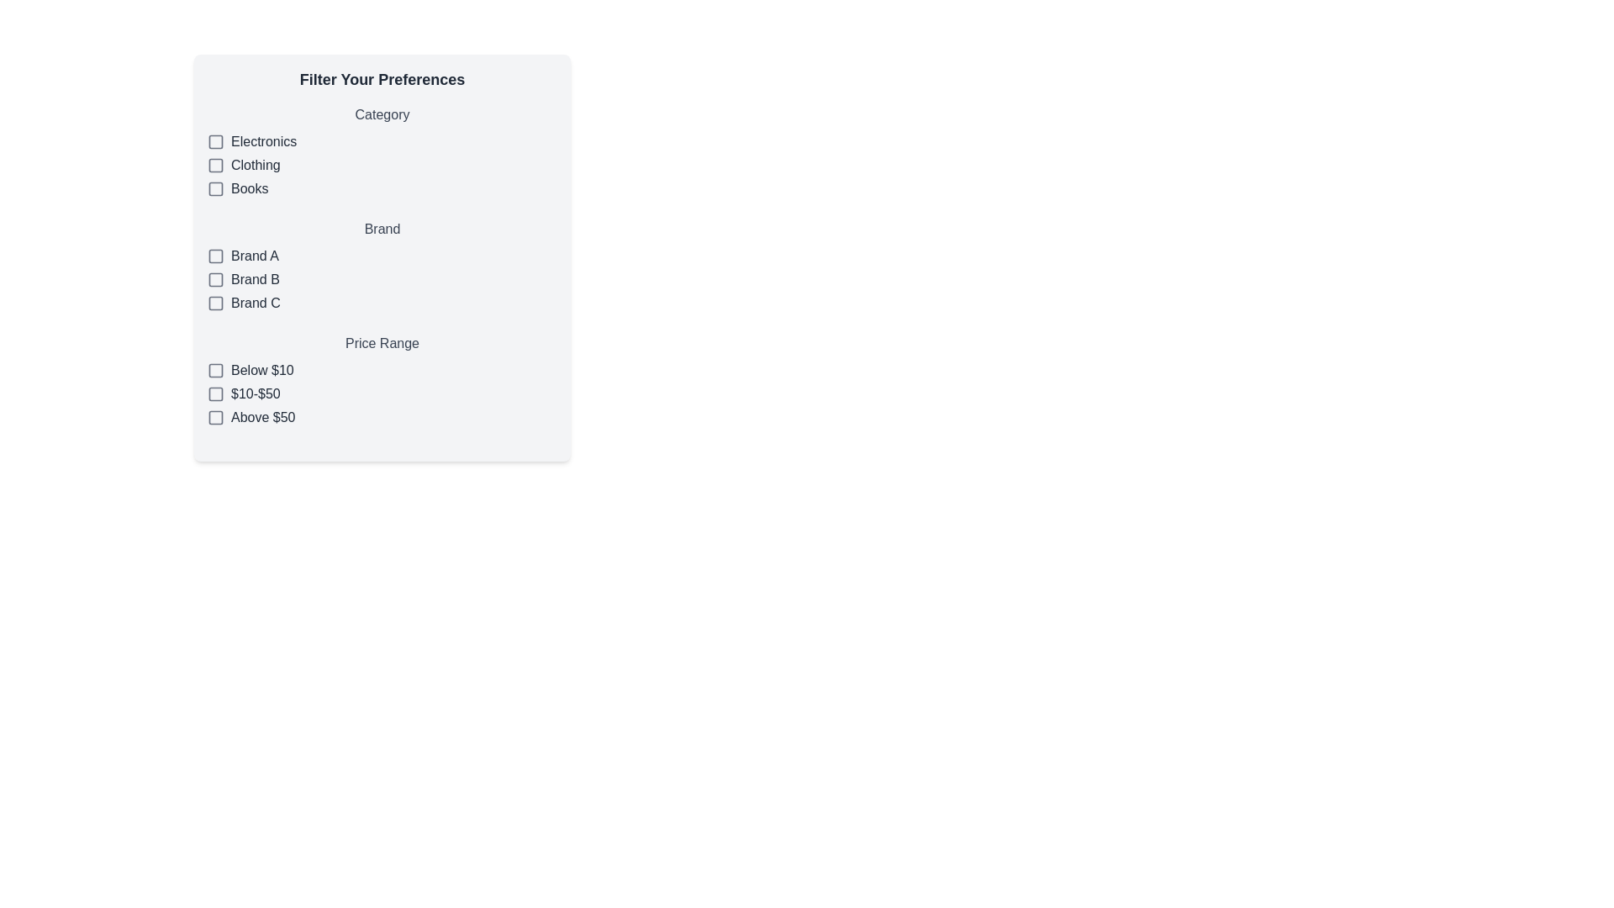  Describe the element at coordinates (215, 304) in the screenshot. I see `the Checkbox for 'Brand C' located in the user preference panel` at that location.